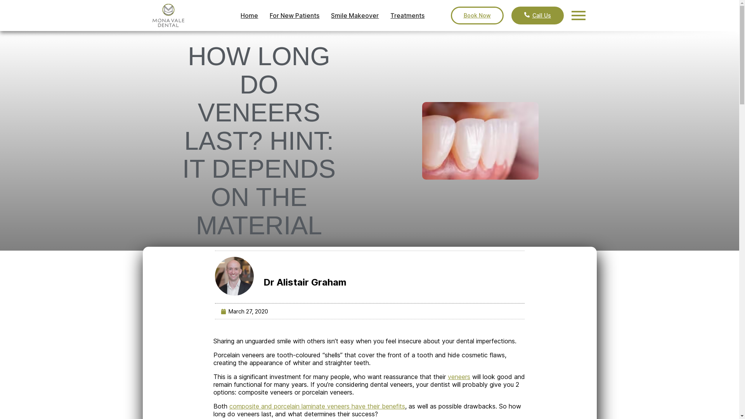  What do you see at coordinates (476, 15) in the screenshot?
I see `'Book Now'` at bounding box center [476, 15].